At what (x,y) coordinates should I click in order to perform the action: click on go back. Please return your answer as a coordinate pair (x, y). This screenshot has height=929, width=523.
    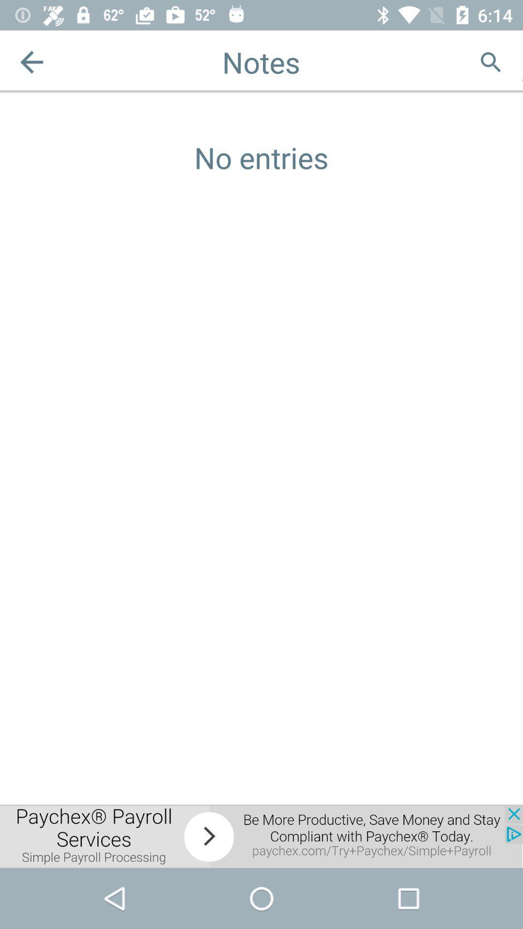
    Looking at the image, I should click on (31, 61).